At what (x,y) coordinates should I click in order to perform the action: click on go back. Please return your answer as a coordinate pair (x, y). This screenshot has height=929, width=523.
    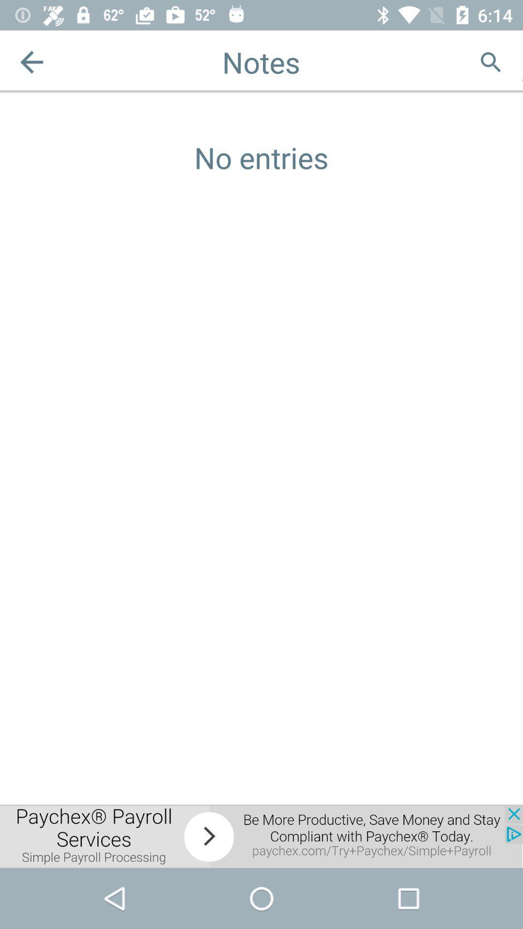
    Looking at the image, I should click on (31, 61).